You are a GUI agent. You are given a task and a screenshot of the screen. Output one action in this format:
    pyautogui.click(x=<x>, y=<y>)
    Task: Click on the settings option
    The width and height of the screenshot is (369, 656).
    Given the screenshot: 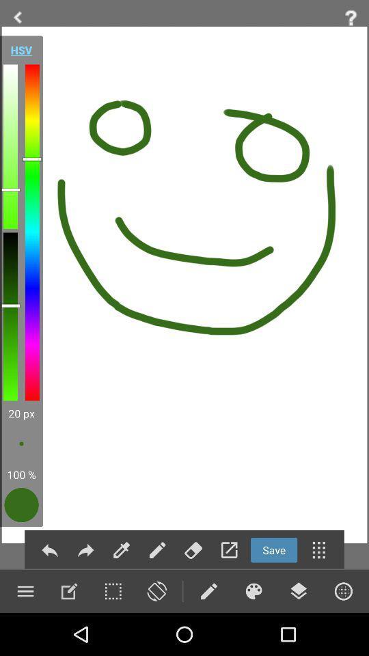 What is the action you would take?
    pyautogui.click(x=25, y=590)
    